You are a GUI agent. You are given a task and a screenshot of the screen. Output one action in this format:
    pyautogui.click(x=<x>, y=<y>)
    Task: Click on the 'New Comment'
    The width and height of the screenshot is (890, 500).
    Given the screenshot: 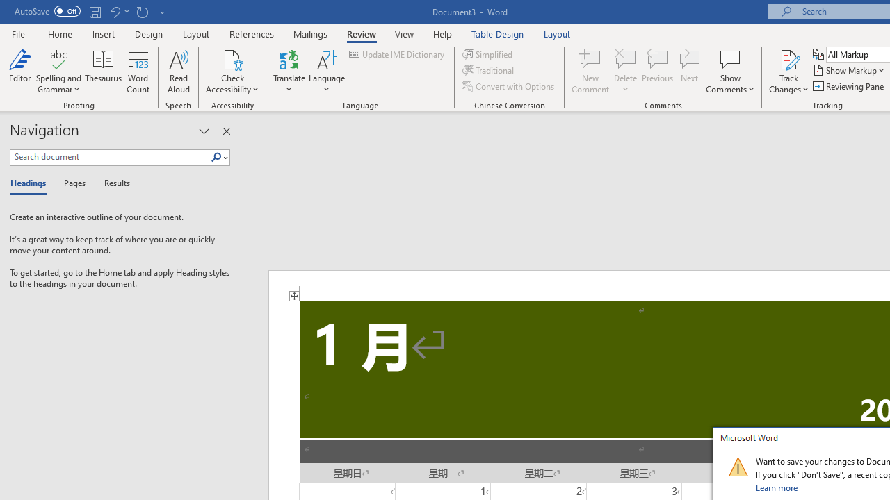 What is the action you would take?
    pyautogui.click(x=590, y=72)
    